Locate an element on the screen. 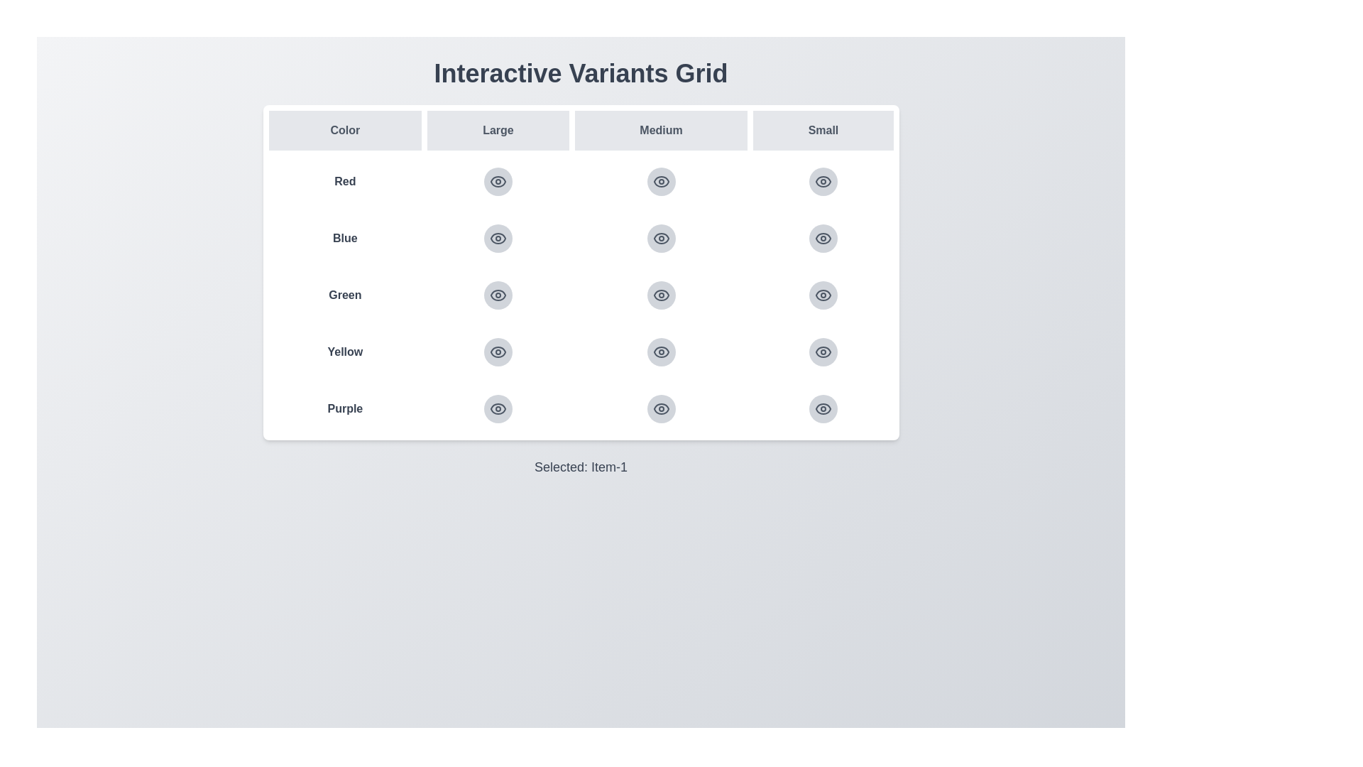 The image size is (1363, 767). the 'Blue' text label in the 'Color' column, which is the second item in the vertical list between 'Red' and 'Green' is located at coordinates (345, 237).